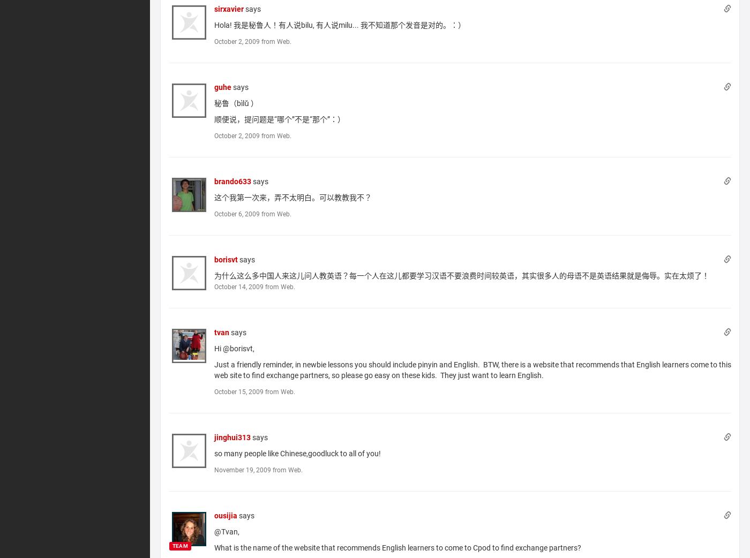 Image resolution: width=750 pixels, height=558 pixels. I want to click on '@Tvan,', so click(227, 531).